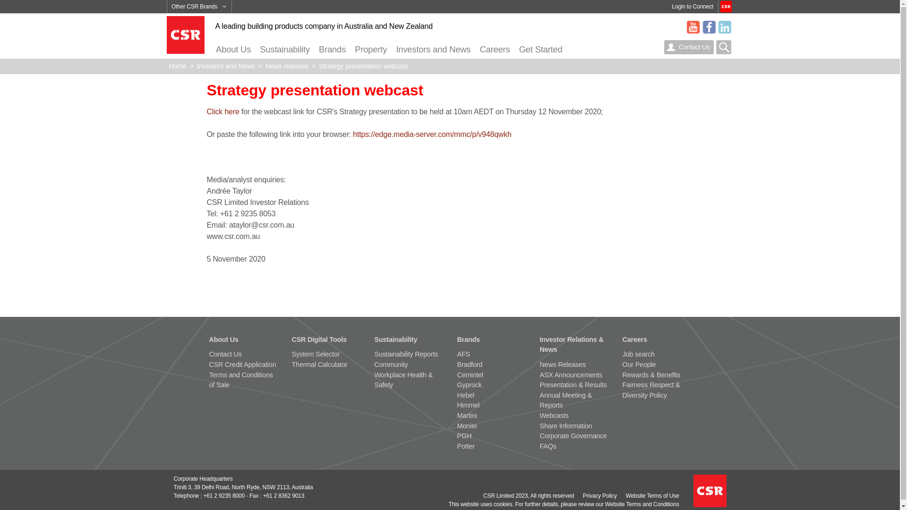  I want to click on 'Potter', so click(466, 446).